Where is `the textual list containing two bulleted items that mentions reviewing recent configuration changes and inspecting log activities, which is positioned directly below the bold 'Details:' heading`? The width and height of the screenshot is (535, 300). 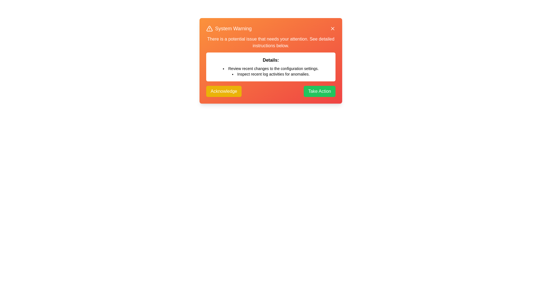 the textual list containing two bulleted items that mentions reviewing recent configuration changes and inspecting log activities, which is positioned directly below the bold 'Details:' heading is located at coordinates (271, 71).